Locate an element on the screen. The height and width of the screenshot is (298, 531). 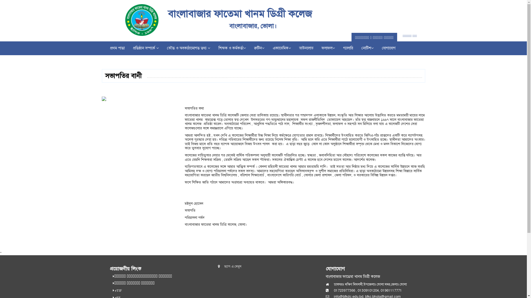
'eTIF' is located at coordinates (118, 290).